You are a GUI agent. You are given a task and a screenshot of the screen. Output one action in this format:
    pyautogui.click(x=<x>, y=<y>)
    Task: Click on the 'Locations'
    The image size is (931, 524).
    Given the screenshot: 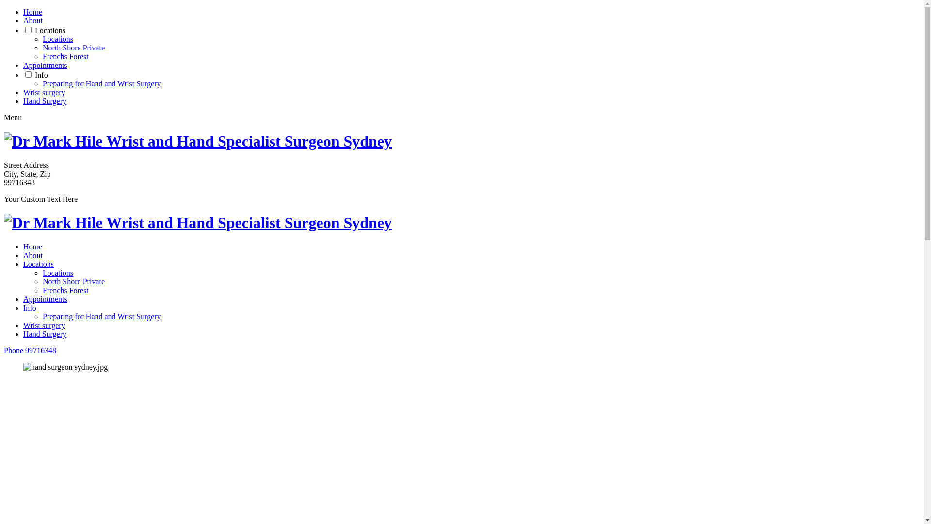 What is the action you would take?
    pyautogui.click(x=57, y=273)
    